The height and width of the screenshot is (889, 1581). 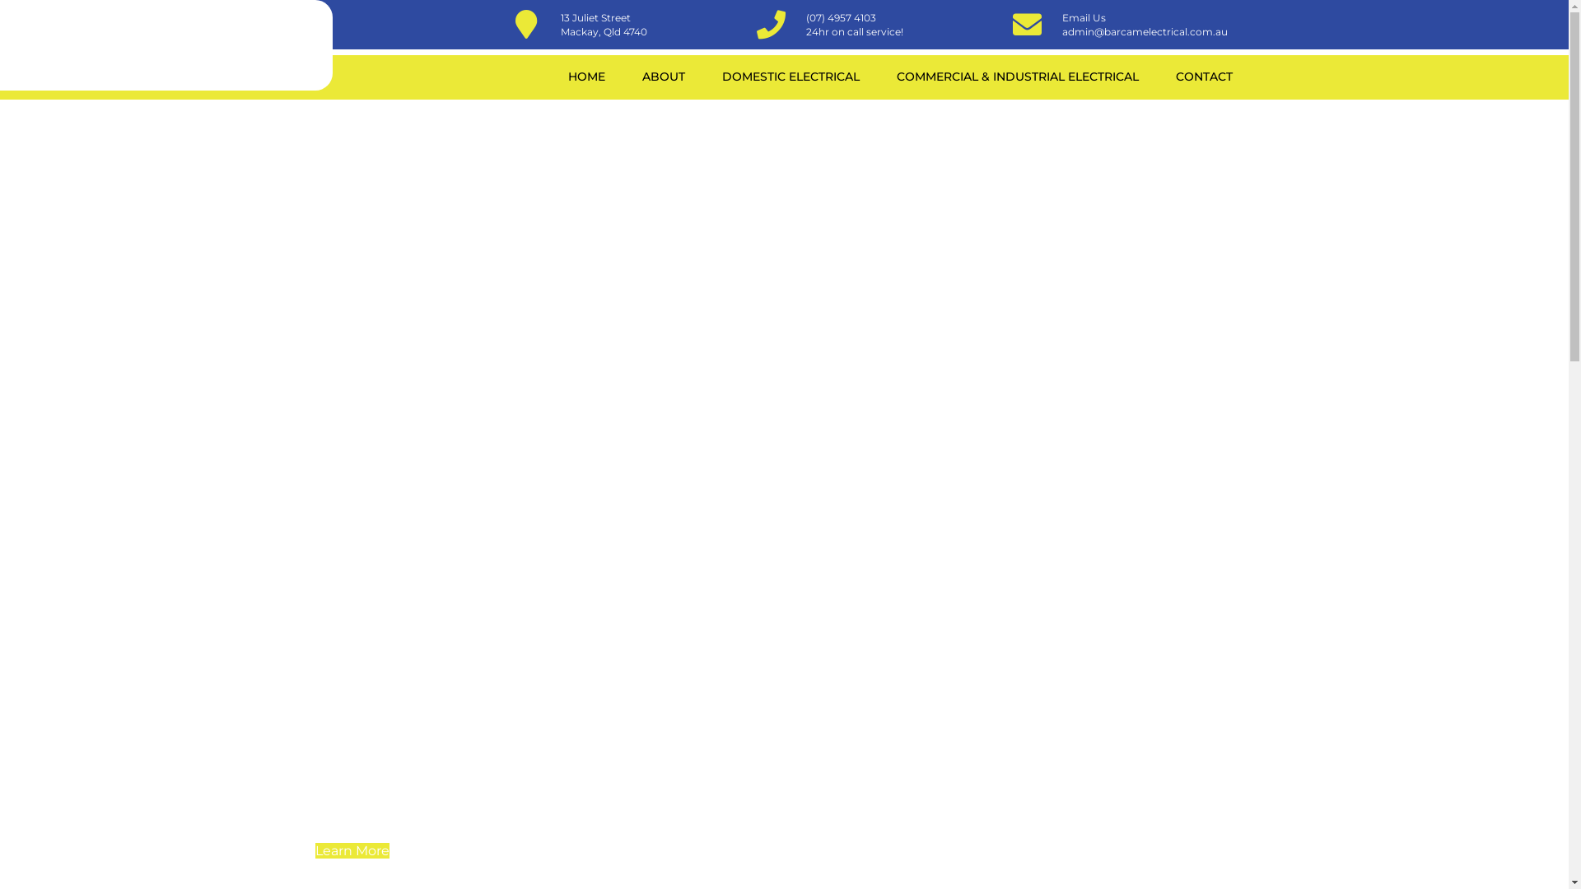 What do you see at coordinates (602, 31) in the screenshot?
I see `'Mackay, Qld 4740'` at bounding box center [602, 31].